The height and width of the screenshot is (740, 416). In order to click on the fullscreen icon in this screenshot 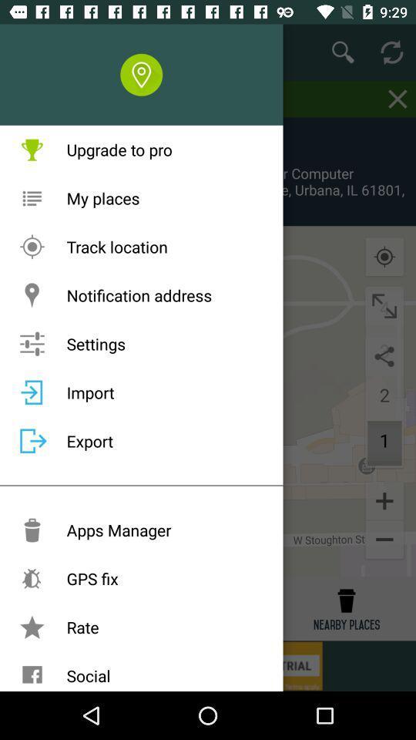, I will do `click(384, 305)`.